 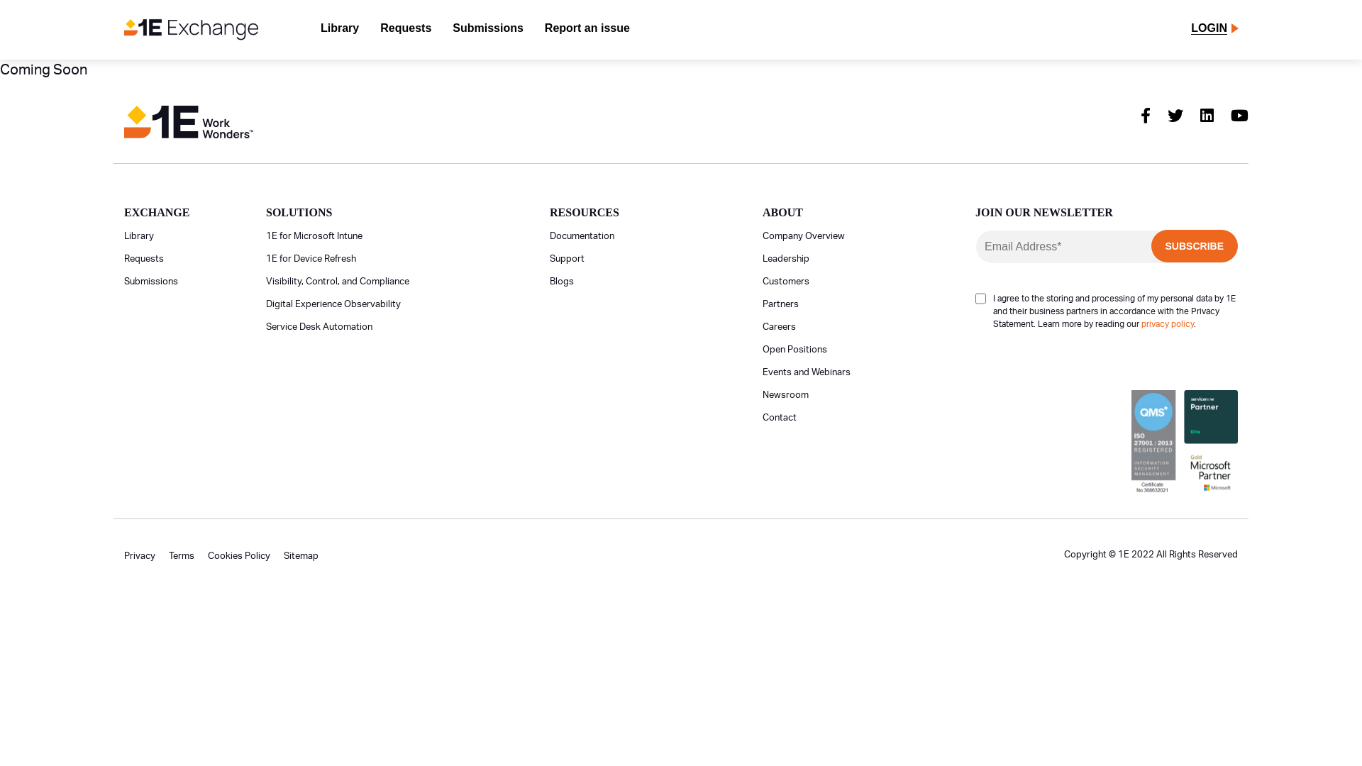 I want to click on 'Blogs', so click(x=548, y=282).